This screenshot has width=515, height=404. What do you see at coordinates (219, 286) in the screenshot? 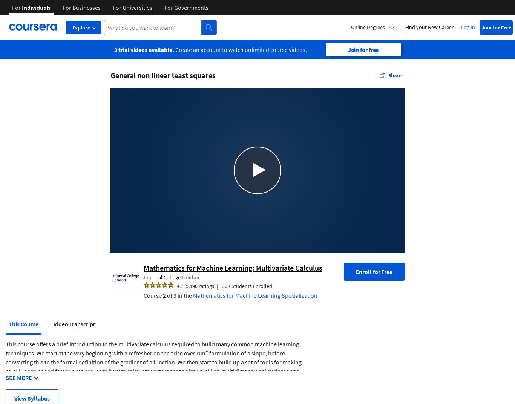
I see `'130K Students Enrolled'` at bounding box center [219, 286].